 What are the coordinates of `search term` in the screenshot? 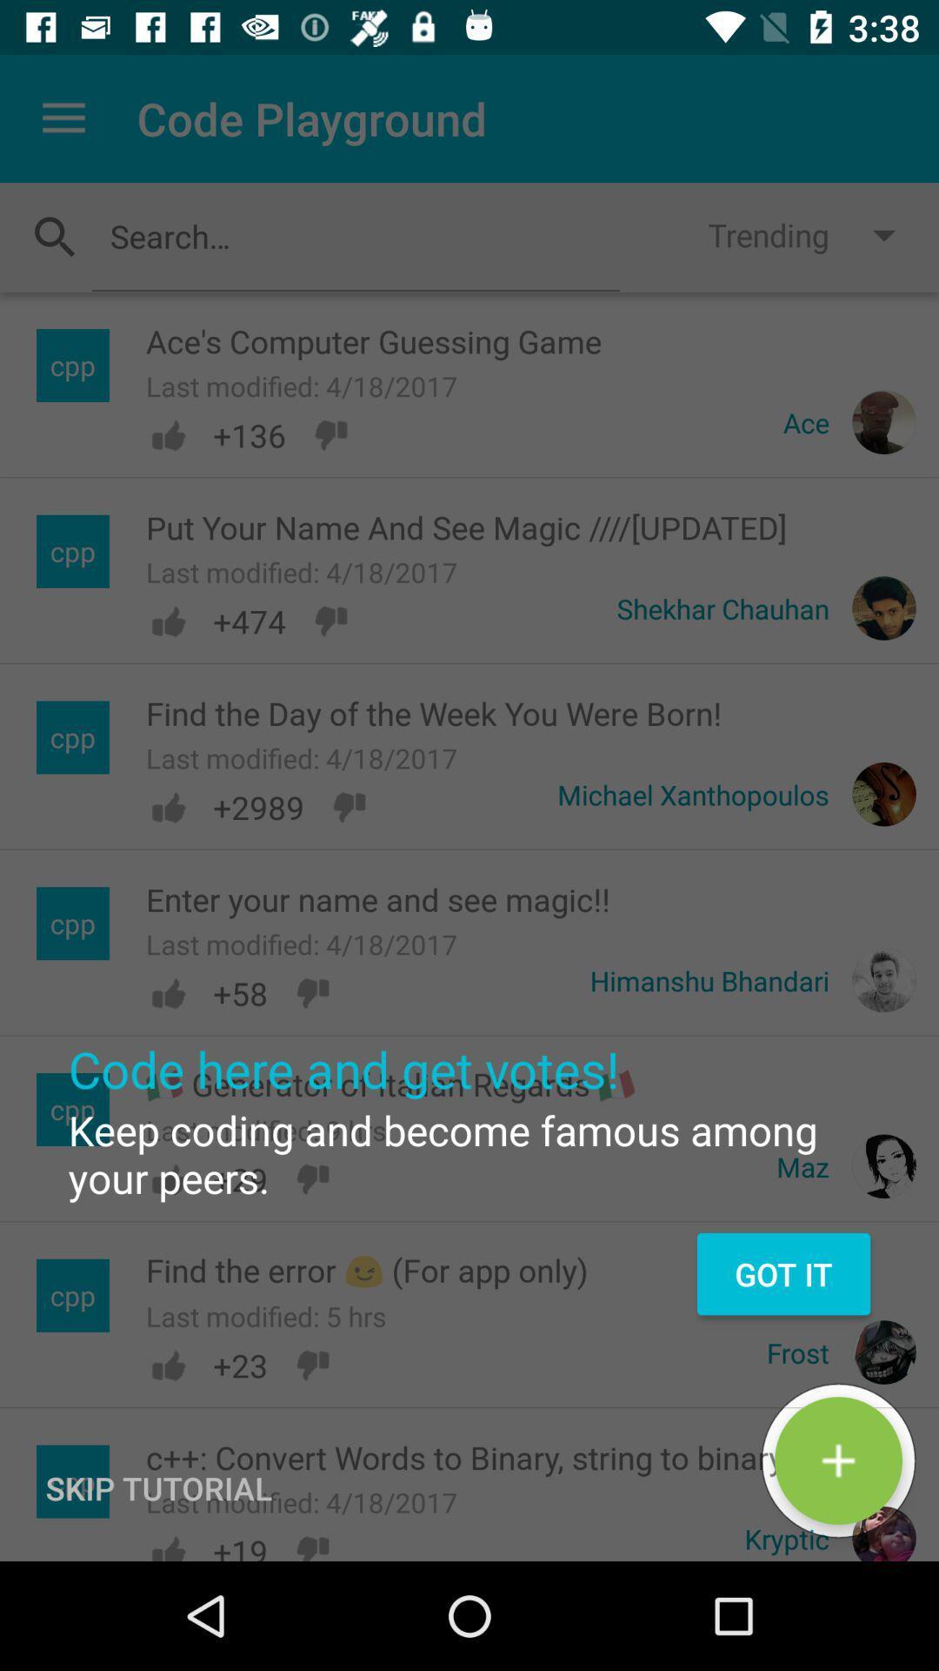 It's located at (355, 235).